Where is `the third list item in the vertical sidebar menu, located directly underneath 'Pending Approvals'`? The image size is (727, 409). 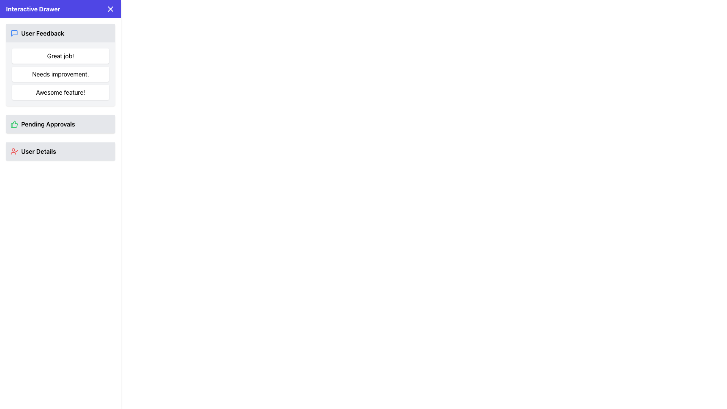 the third list item in the vertical sidebar menu, located directly underneath 'Pending Approvals' is located at coordinates (33, 151).